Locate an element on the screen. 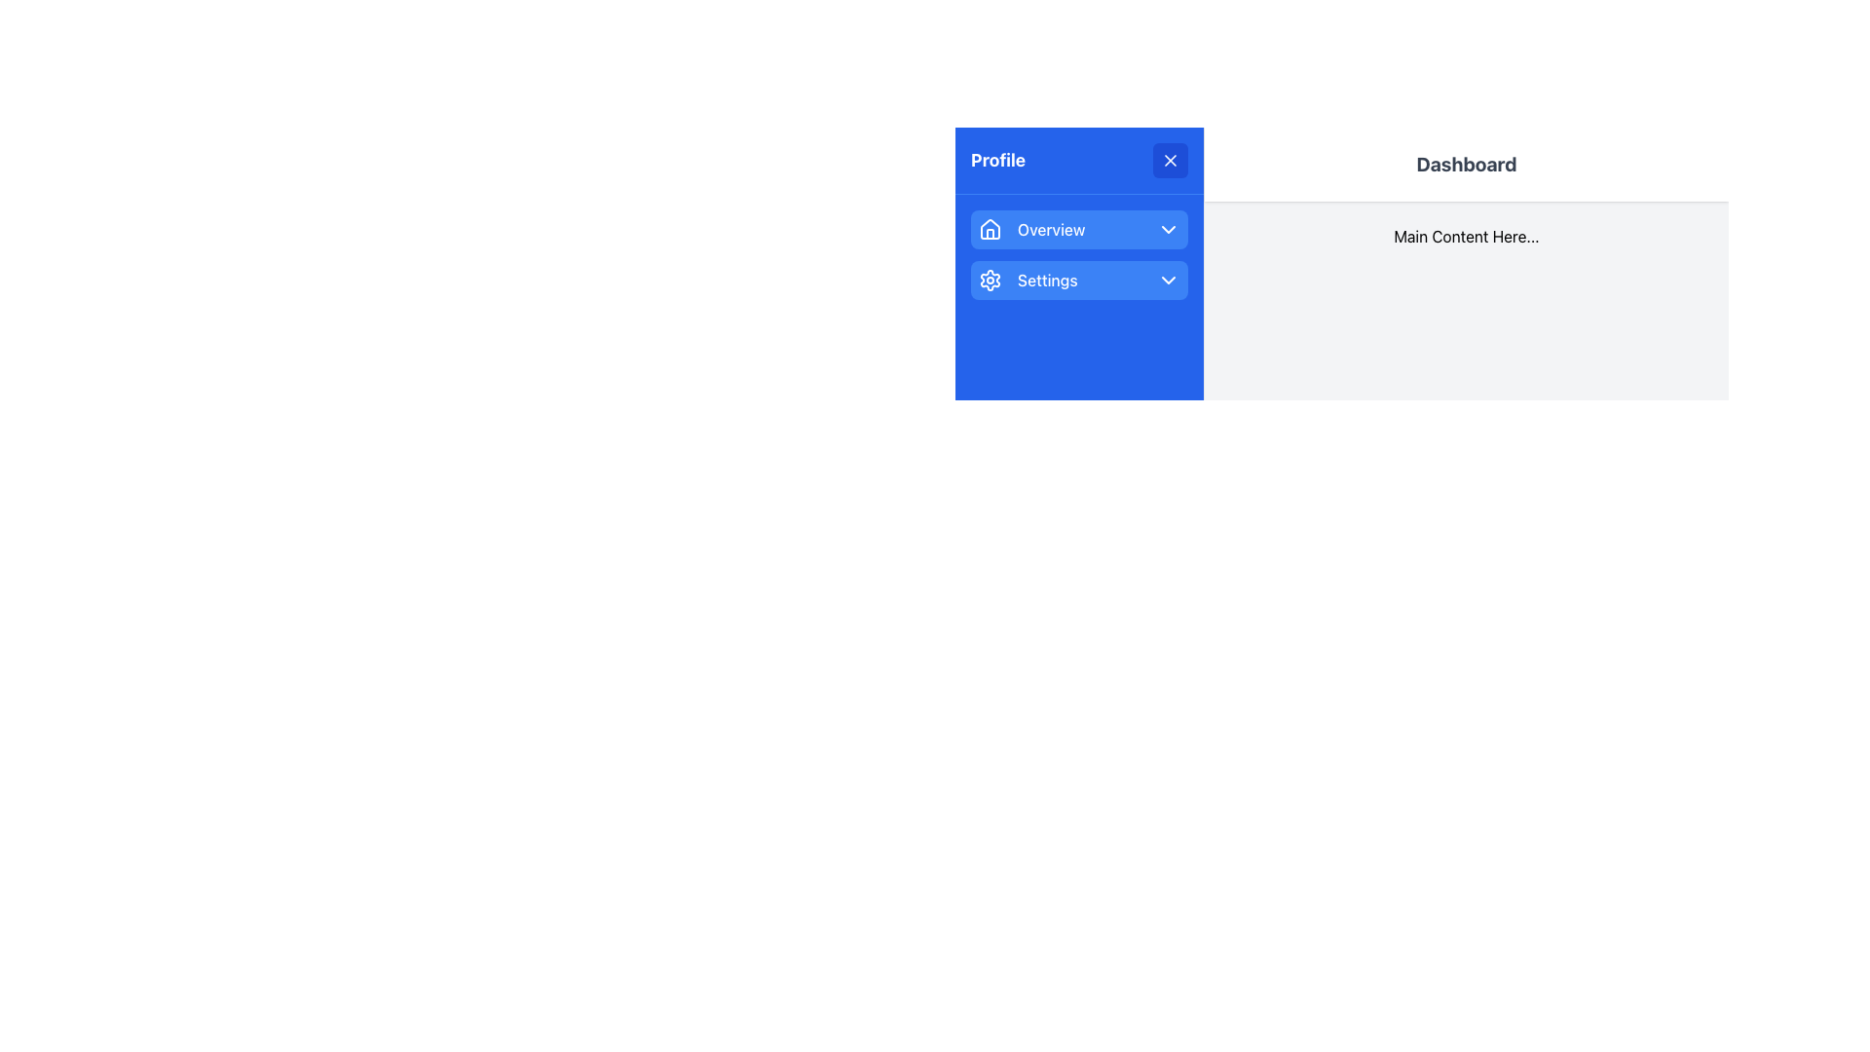  bold text 'Profile' located in the blue background header area of the menu, positioned at the top-left of the interface is located at coordinates (998, 160).